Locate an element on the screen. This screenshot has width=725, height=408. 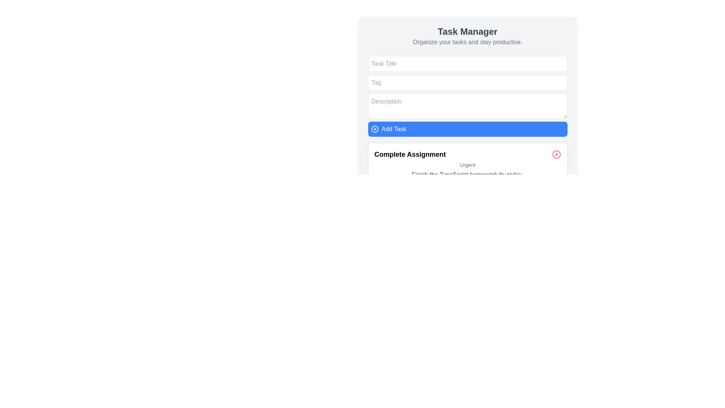
the Text block that serves as the header for the task manager interface, located at the top of a rectangular card with a light gray background is located at coordinates (467, 36).